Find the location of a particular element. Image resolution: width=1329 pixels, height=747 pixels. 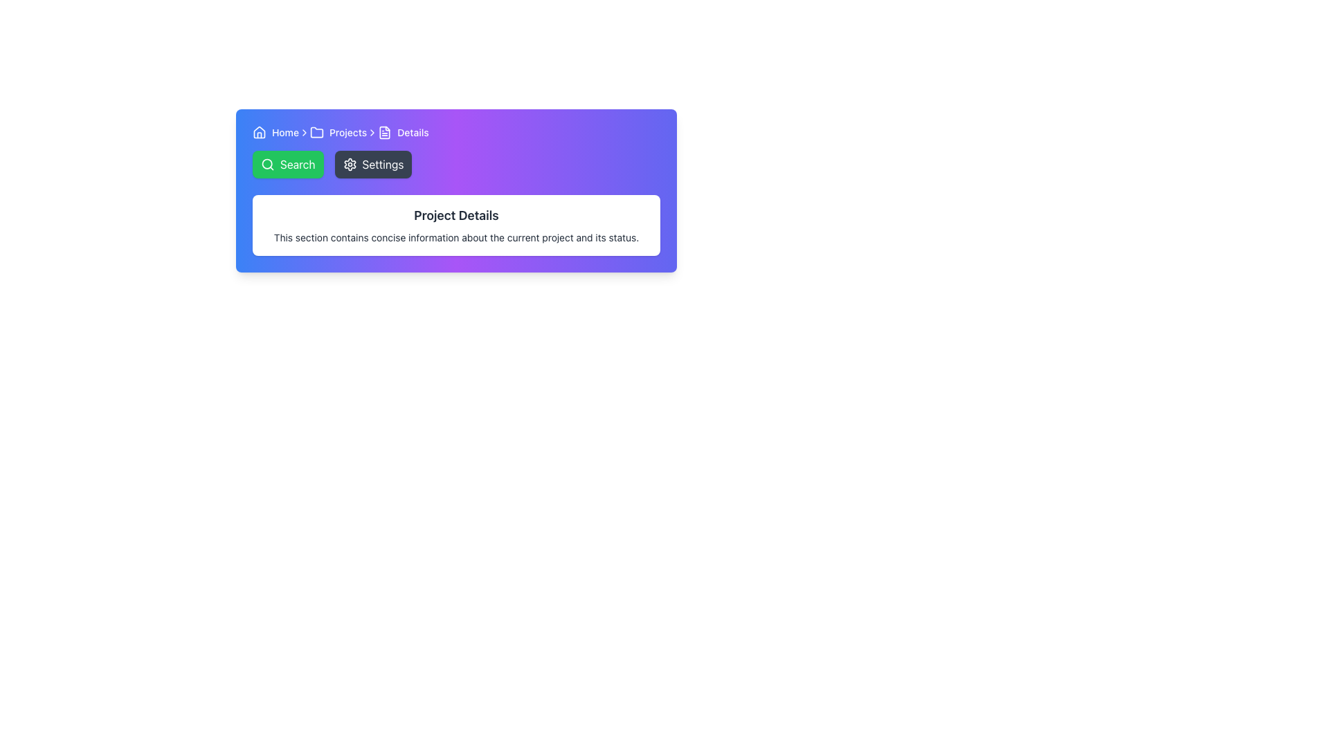

the SVG Folder Icon representing the 'Projects' section in the breadcrumb navigation is located at coordinates (316, 133).